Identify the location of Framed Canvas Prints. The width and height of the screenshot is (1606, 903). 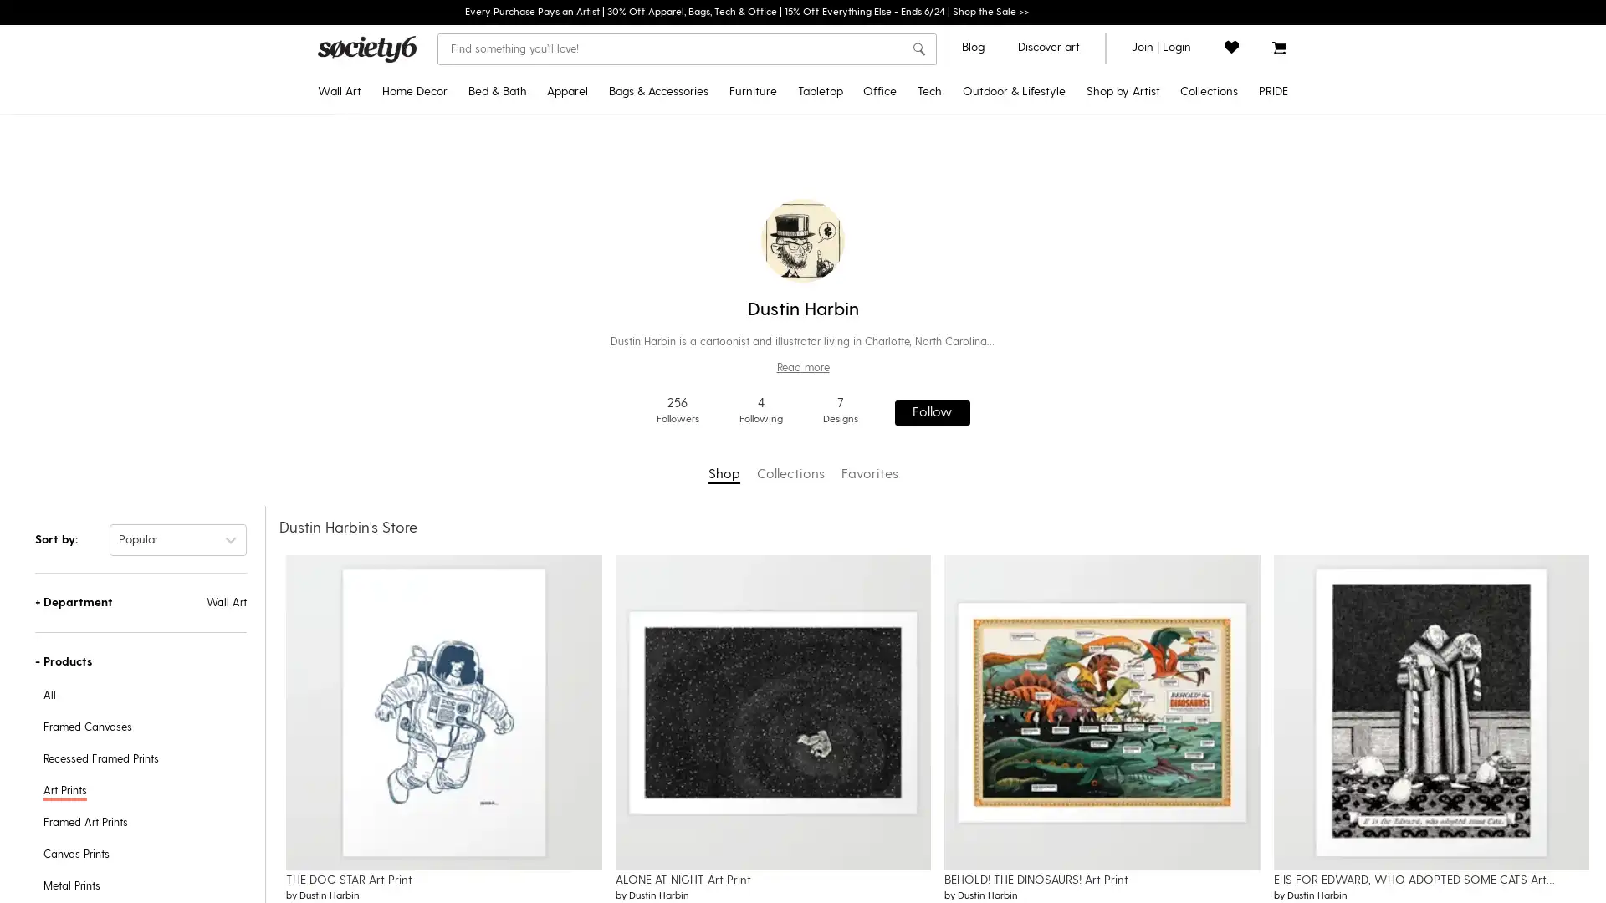
(393, 242).